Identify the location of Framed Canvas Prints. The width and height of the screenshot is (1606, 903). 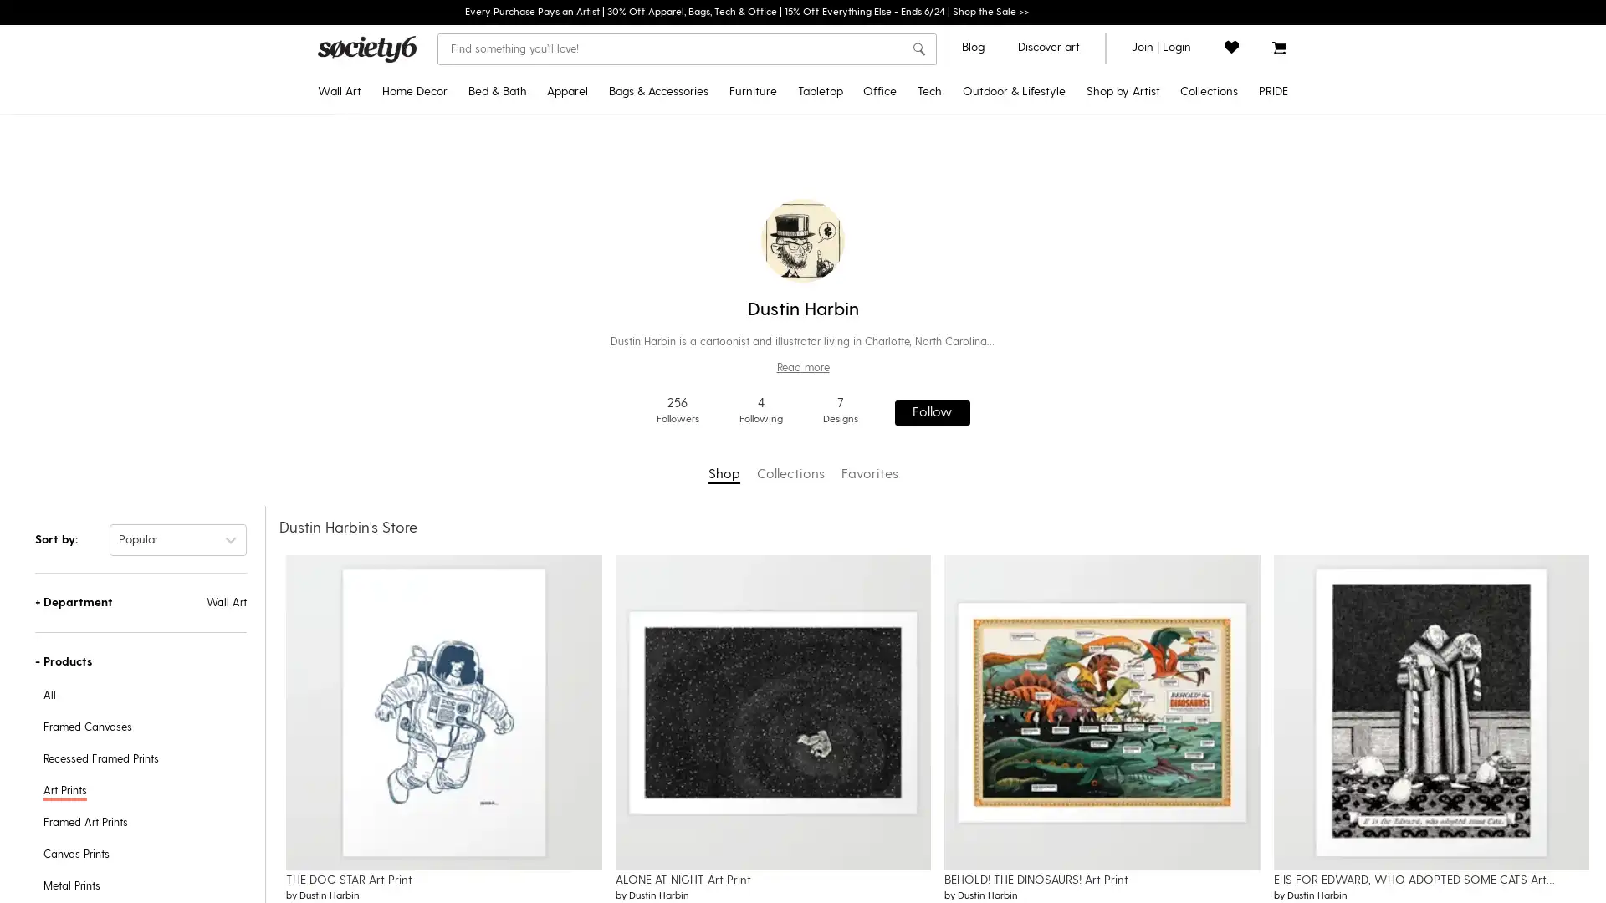
(393, 242).